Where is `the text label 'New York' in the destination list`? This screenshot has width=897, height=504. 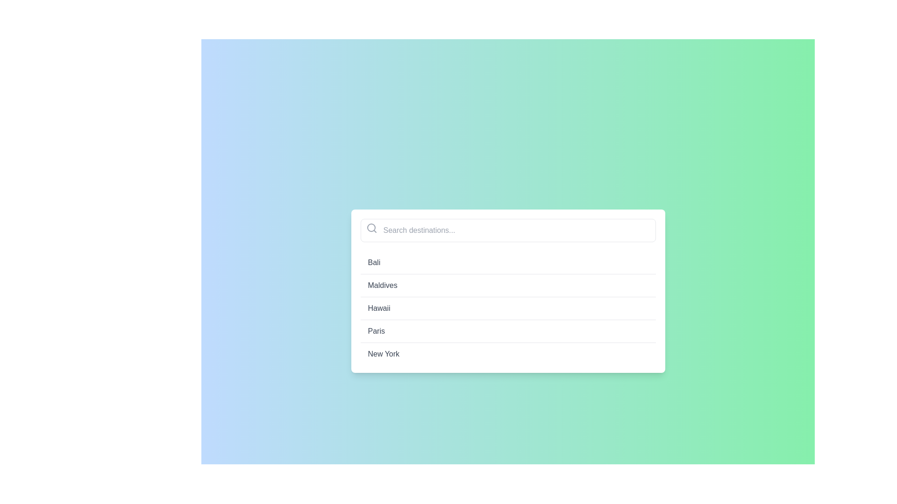
the text label 'New York' in the destination list is located at coordinates (384, 354).